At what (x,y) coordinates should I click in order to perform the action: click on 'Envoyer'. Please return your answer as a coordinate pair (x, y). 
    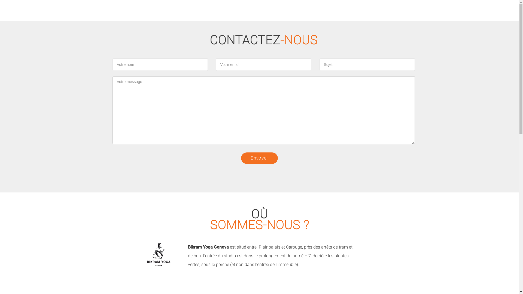
    Looking at the image, I should click on (259, 158).